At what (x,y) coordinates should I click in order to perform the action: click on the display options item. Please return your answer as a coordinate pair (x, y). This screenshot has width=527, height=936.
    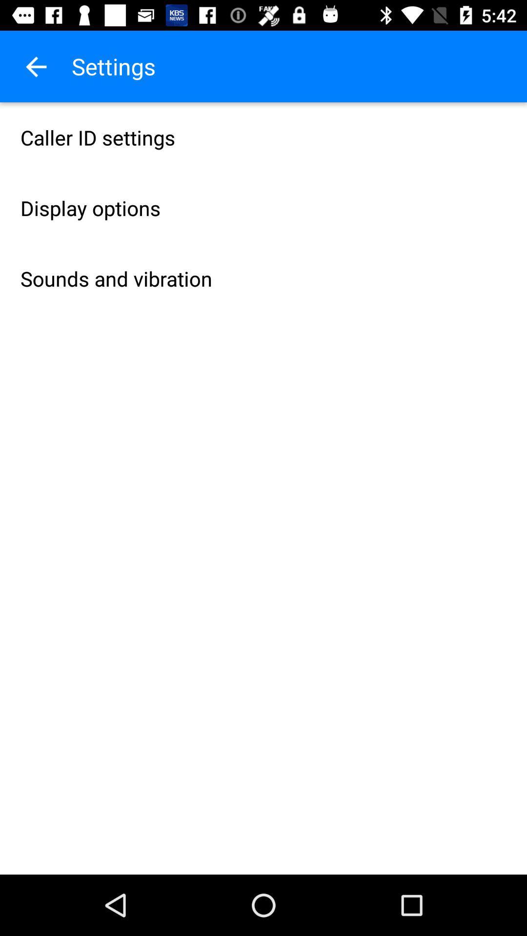
    Looking at the image, I should click on (263, 208).